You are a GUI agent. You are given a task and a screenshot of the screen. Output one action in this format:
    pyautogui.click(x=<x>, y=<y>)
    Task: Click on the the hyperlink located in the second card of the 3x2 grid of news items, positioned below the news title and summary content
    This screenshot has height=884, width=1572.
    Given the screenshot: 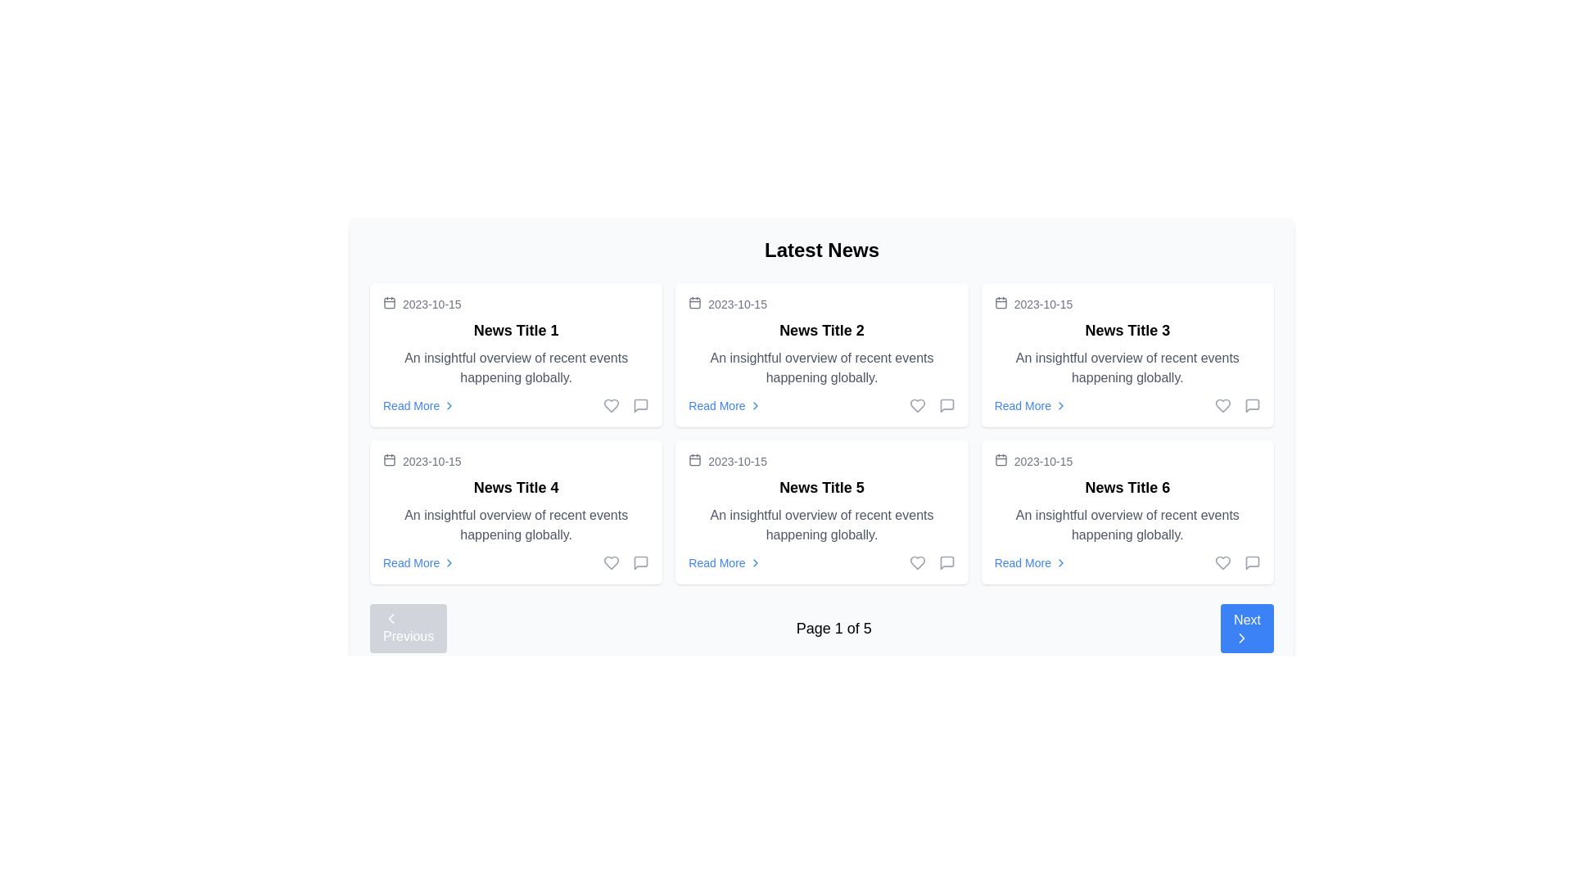 What is the action you would take?
    pyautogui.click(x=716, y=405)
    